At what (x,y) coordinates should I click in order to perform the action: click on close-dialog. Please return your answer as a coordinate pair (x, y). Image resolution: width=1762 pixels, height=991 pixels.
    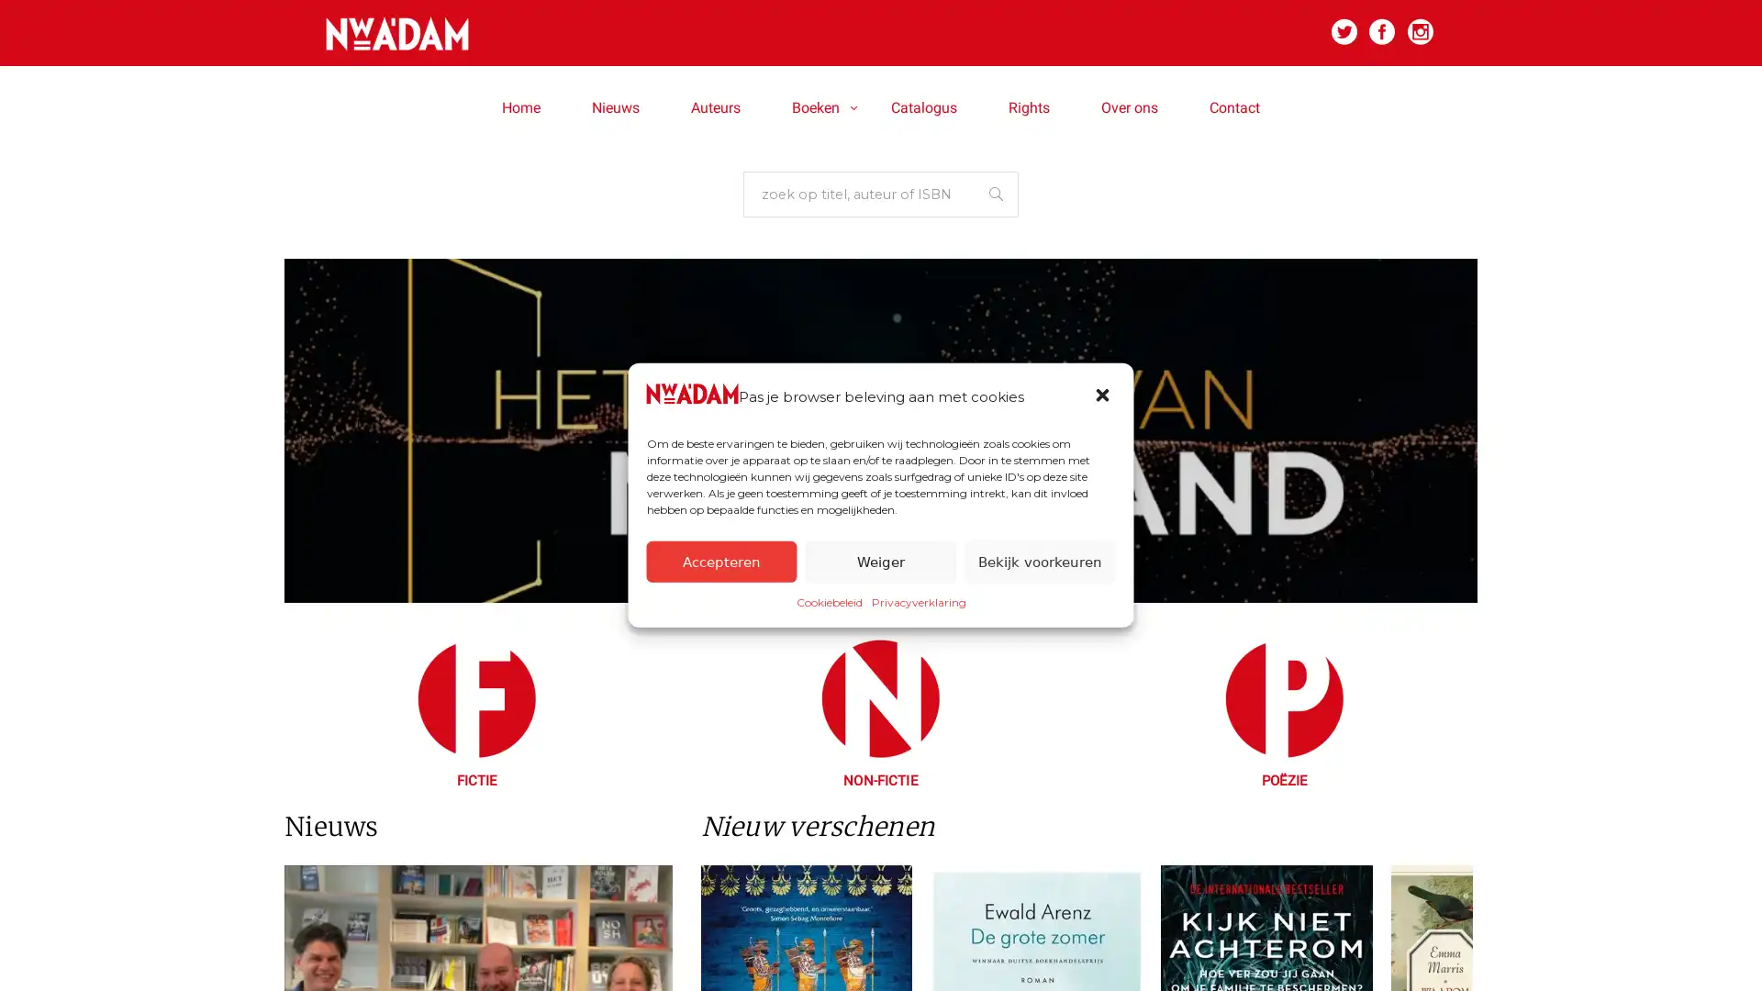
    Looking at the image, I should click on (1103, 395).